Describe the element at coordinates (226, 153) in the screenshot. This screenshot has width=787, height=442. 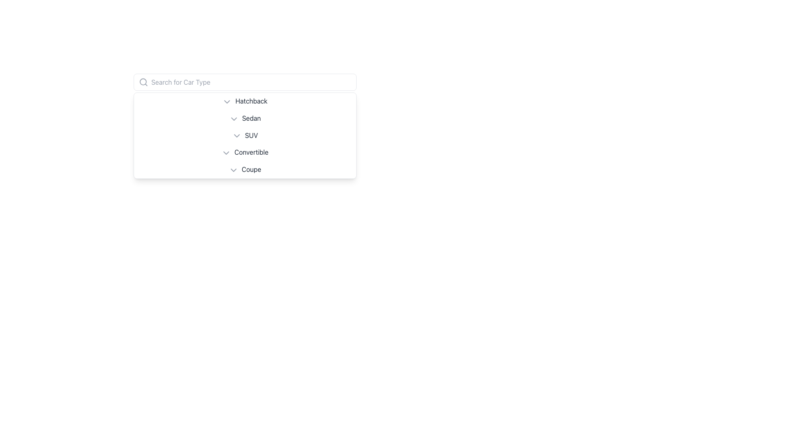
I see `the Dropdown Indicator located to the left of the 'Convertible' text label` at that location.